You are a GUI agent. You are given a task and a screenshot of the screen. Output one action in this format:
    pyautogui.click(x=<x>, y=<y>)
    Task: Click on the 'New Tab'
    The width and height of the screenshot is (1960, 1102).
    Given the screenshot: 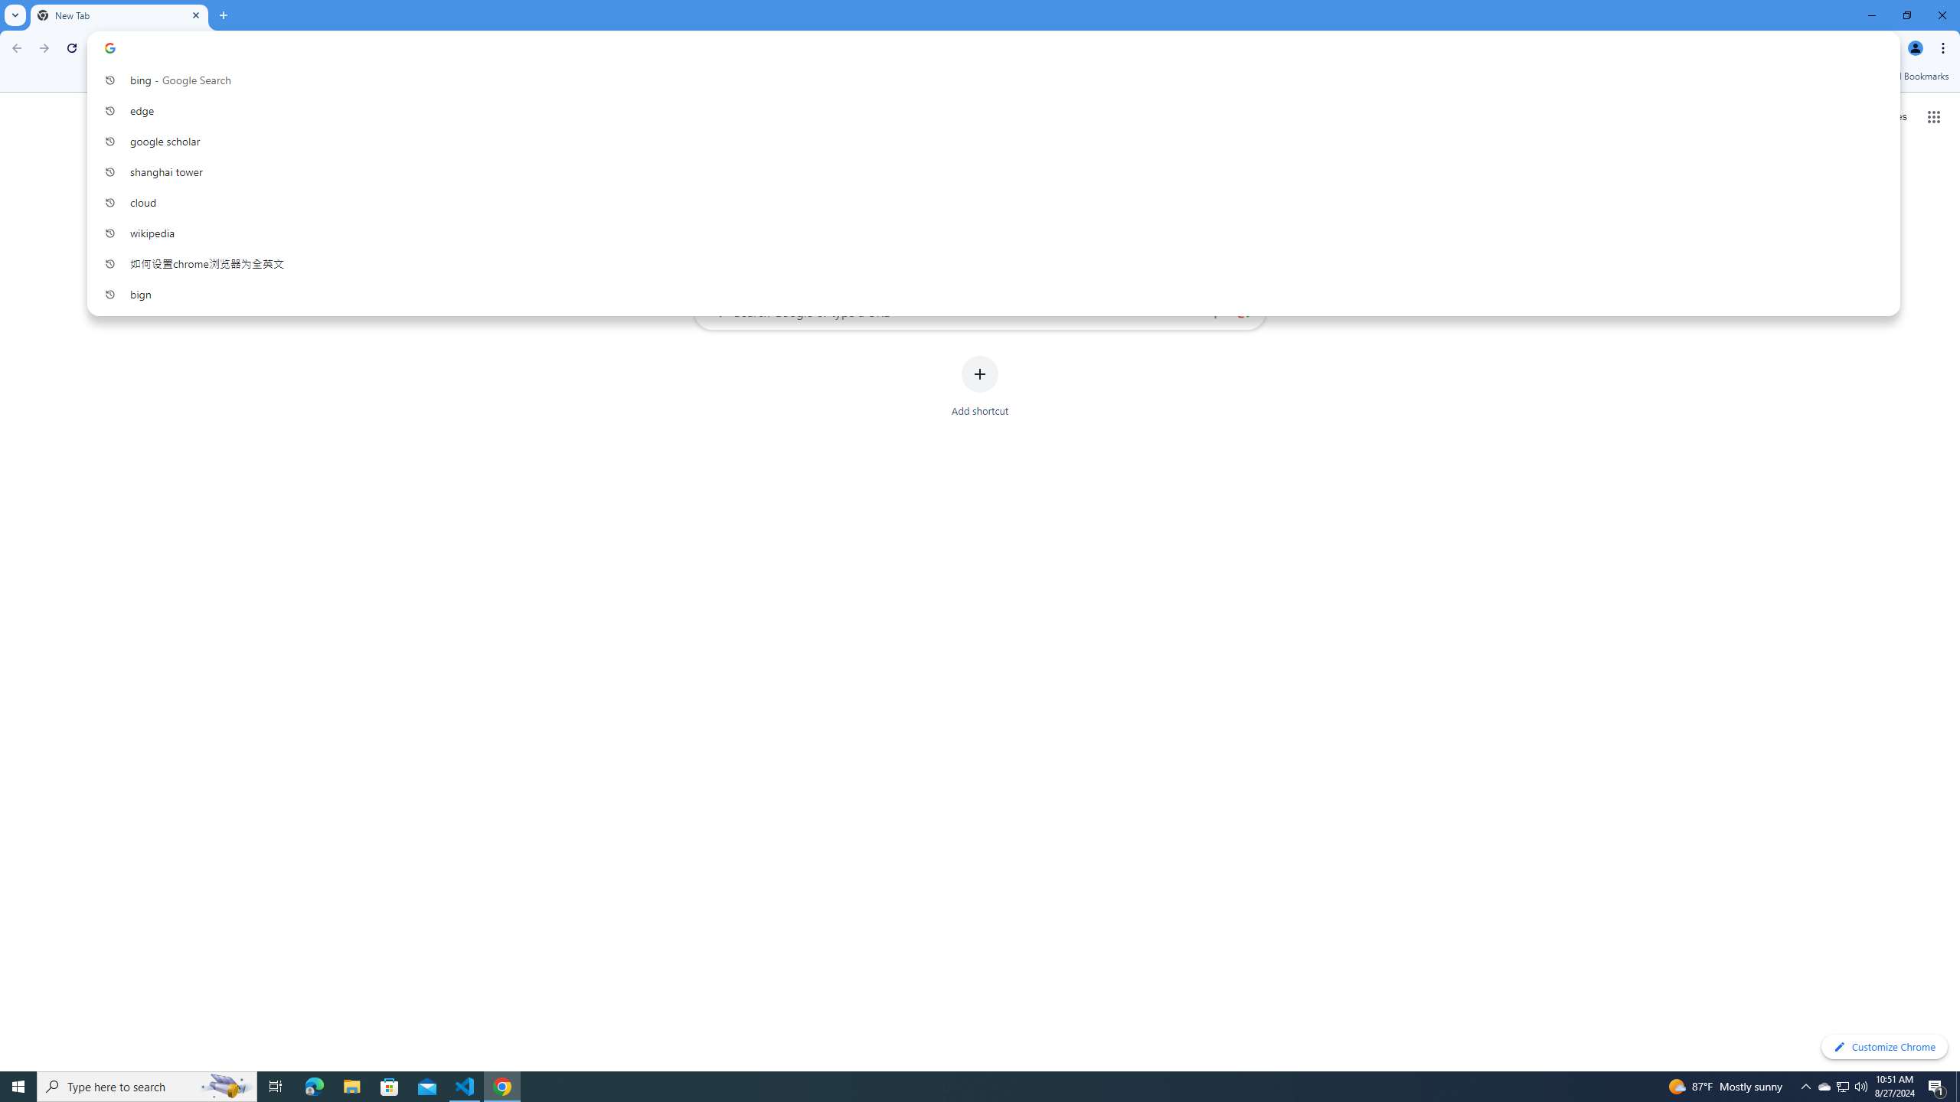 What is the action you would take?
    pyautogui.click(x=119, y=15)
    